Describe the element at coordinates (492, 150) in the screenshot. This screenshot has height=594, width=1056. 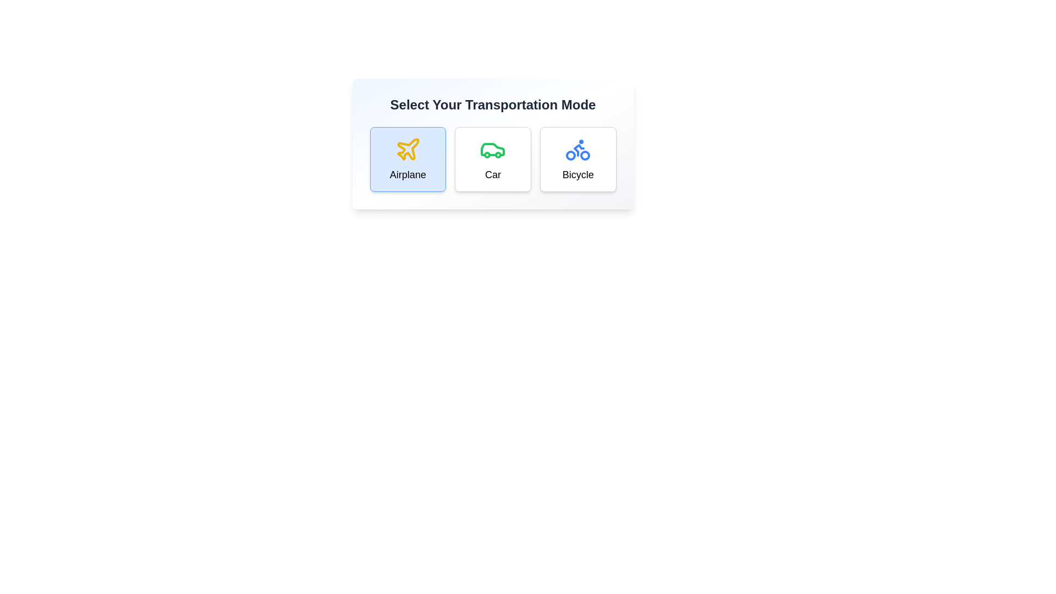
I see `the car icon, which visually represents the 'Car' option in the transportation selection feature, located centrally between the airplane and bicycle icons` at that location.